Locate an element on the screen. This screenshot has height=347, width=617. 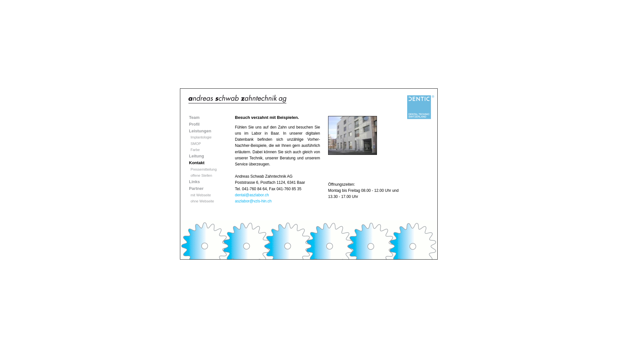
'Kontakt' is located at coordinates (196, 162).